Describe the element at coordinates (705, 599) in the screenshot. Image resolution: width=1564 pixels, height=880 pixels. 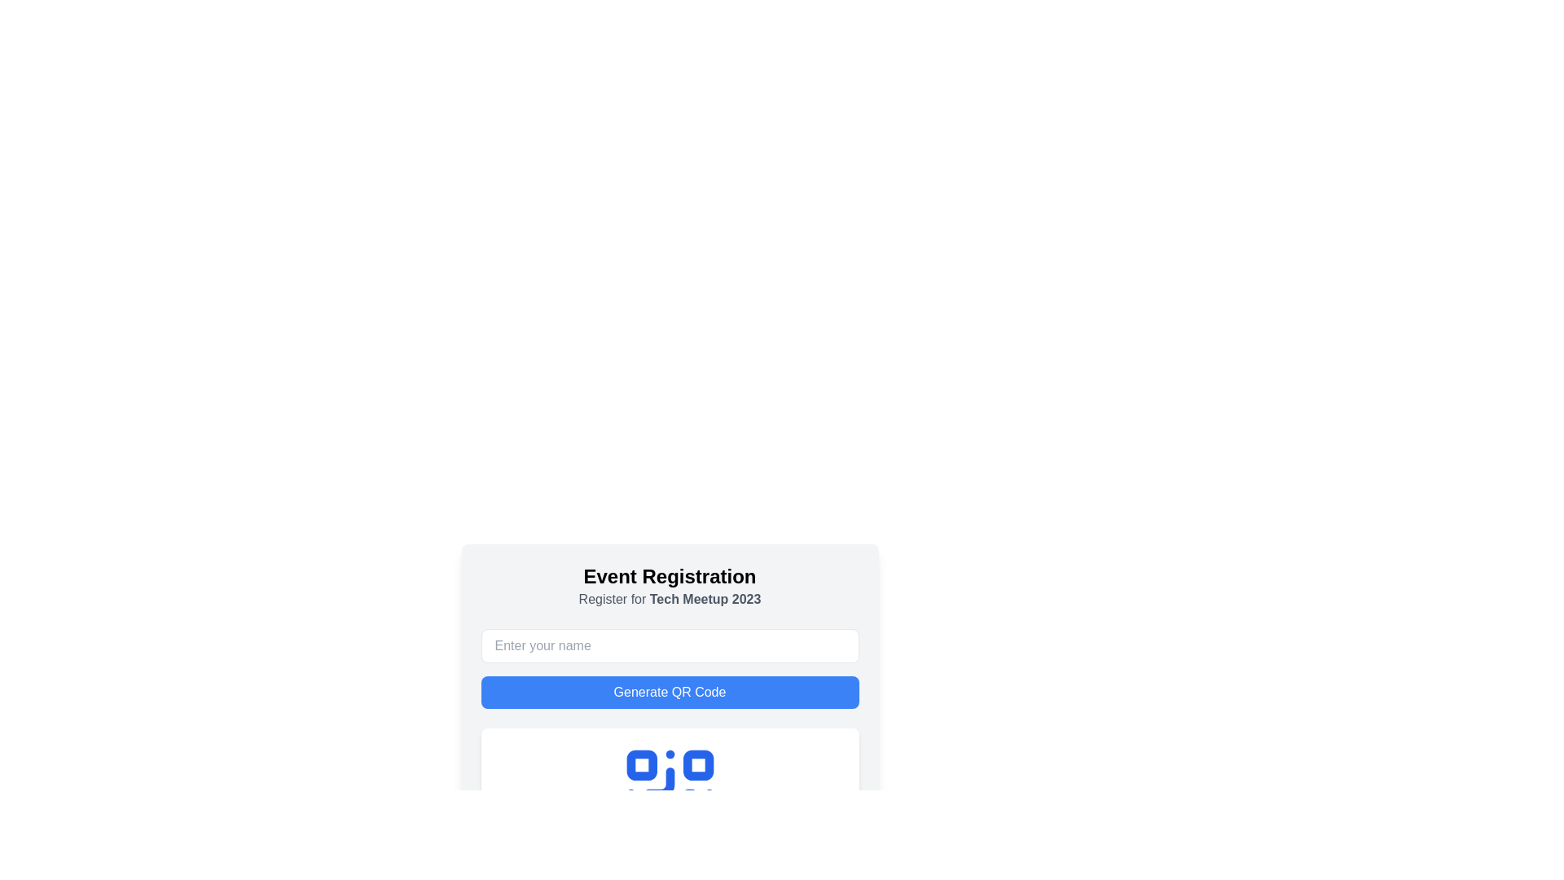
I see `the text label displaying 'Tech Meetup 2023', which is part of the event registration section and appears below the heading 'Event Registration'` at that location.